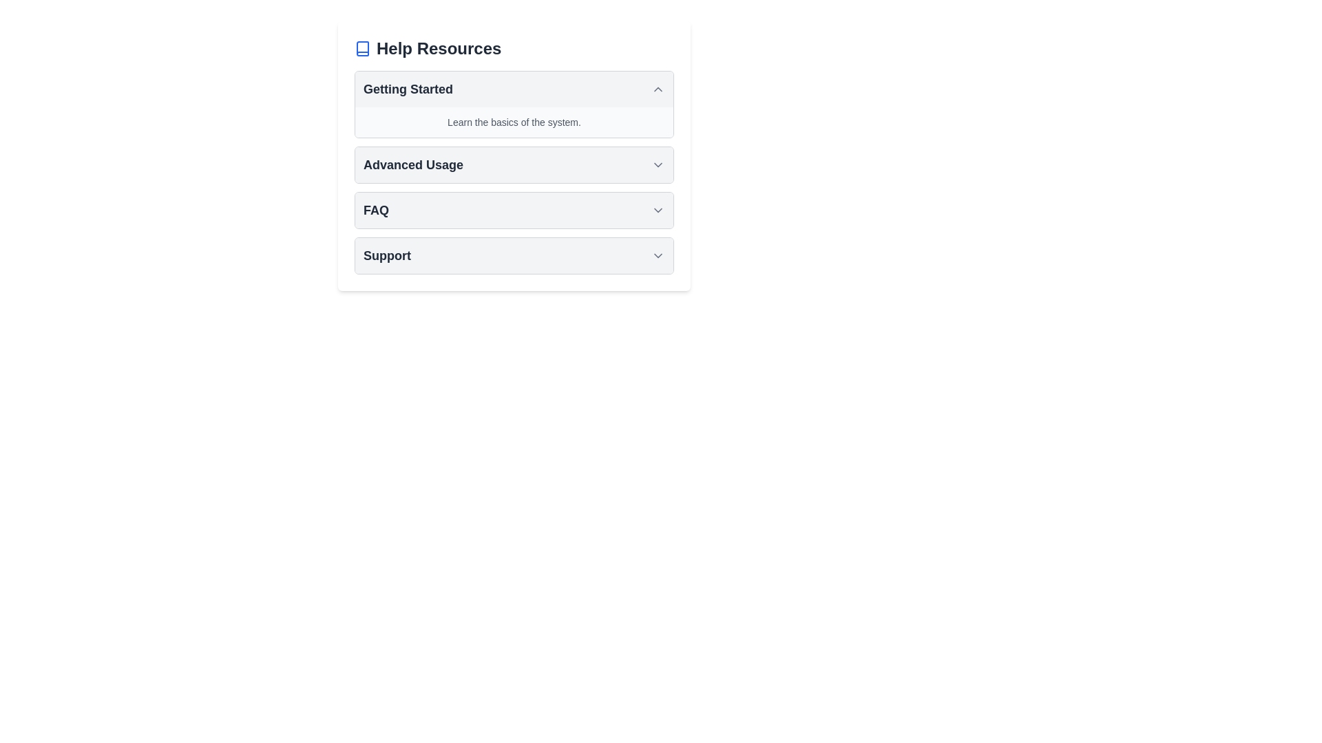  What do you see at coordinates (514, 89) in the screenshot?
I see `the 'Getting Started' collapsible header element via keyboard navigation` at bounding box center [514, 89].